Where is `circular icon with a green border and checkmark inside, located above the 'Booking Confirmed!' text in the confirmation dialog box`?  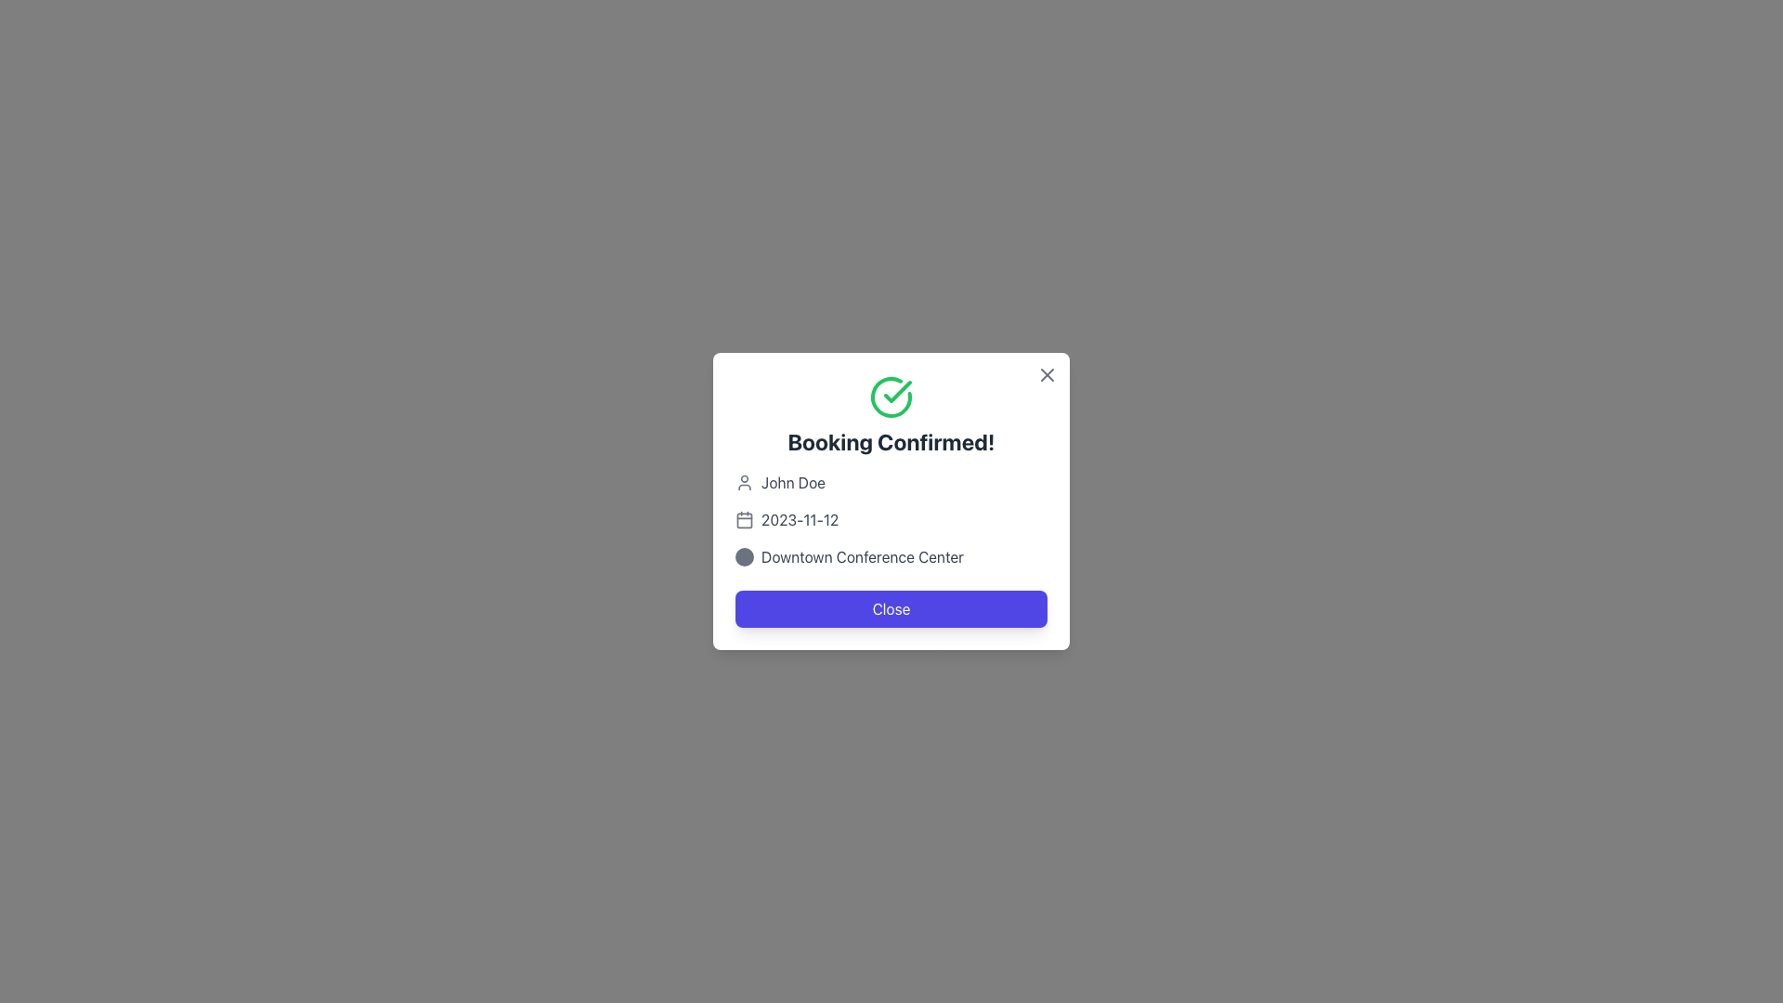 circular icon with a green border and checkmark inside, located above the 'Booking Confirmed!' text in the confirmation dialog box is located at coordinates (891, 397).